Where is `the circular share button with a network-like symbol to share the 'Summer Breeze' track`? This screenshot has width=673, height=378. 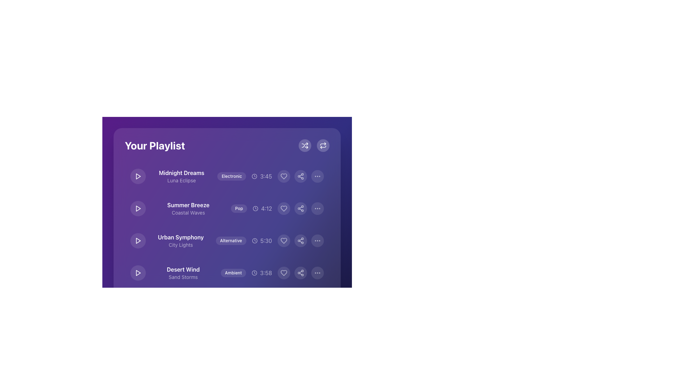 the circular share button with a network-like symbol to share the 'Summer Breeze' track is located at coordinates (301, 208).